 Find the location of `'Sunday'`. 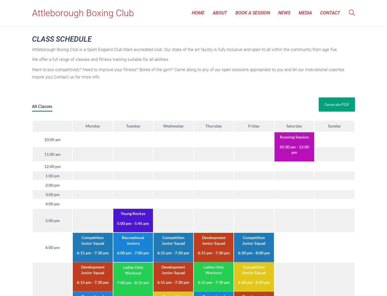

'Sunday' is located at coordinates (334, 126).